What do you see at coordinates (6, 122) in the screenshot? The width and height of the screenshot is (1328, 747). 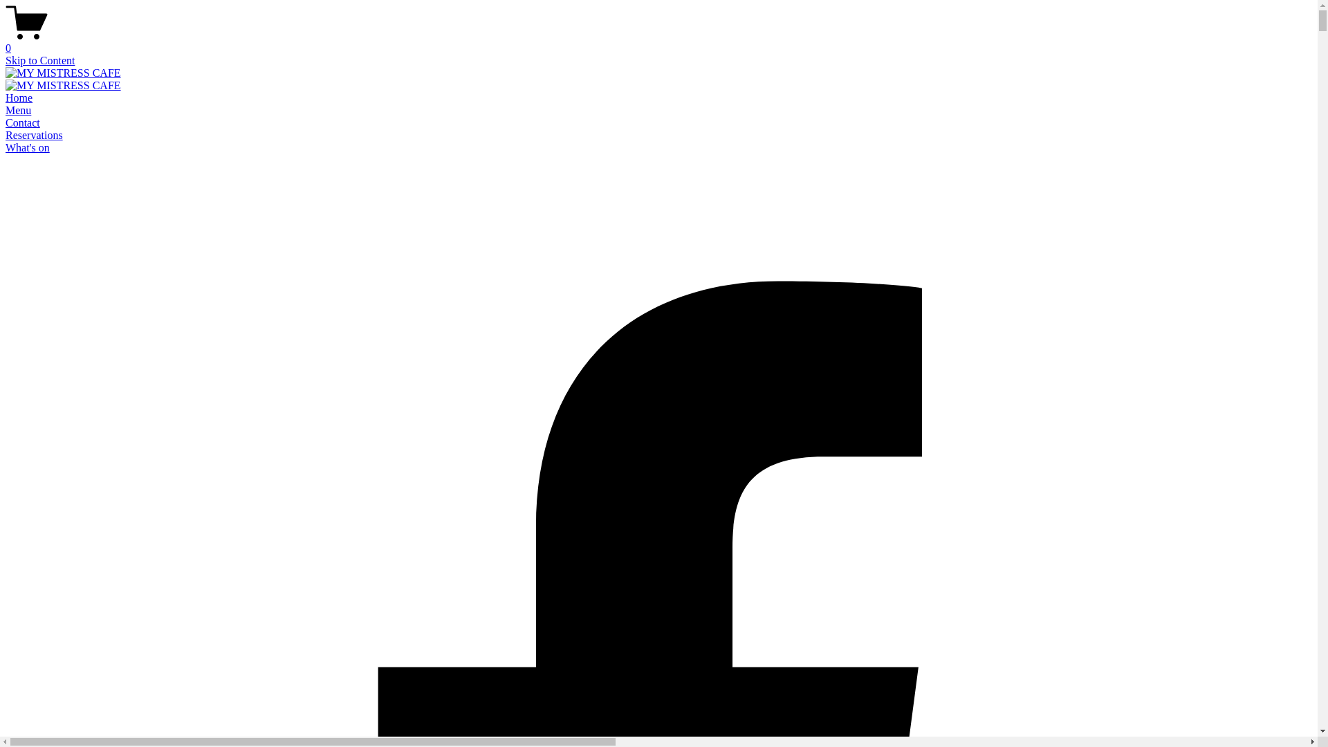 I see `'Contact'` at bounding box center [6, 122].